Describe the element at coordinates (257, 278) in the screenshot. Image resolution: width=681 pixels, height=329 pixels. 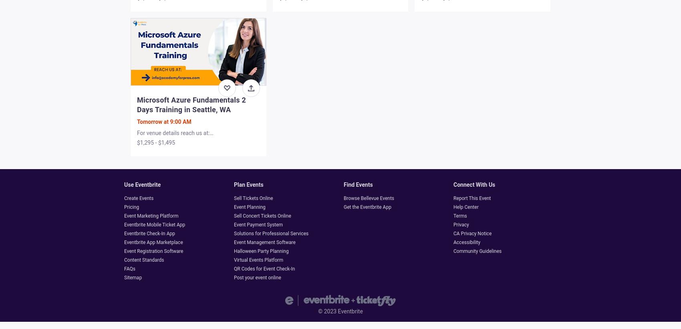
I see `'Post your event online'` at that location.